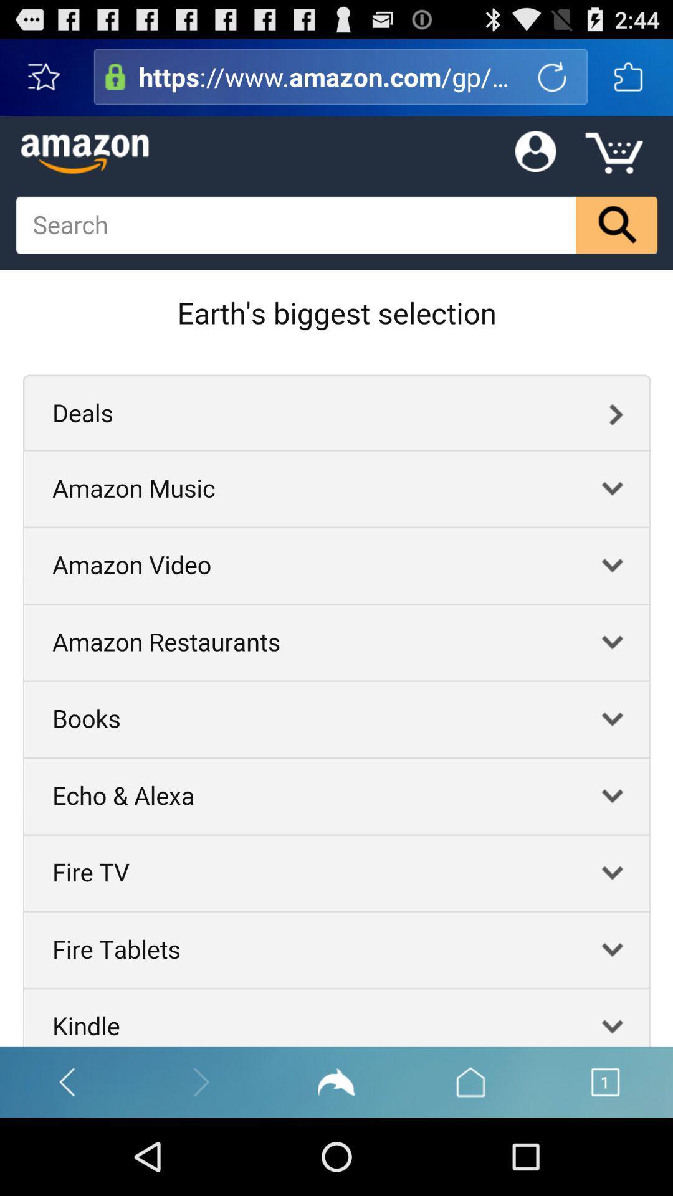 This screenshot has width=673, height=1196. Describe the element at coordinates (115, 76) in the screenshot. I see `unblock section` at that location.